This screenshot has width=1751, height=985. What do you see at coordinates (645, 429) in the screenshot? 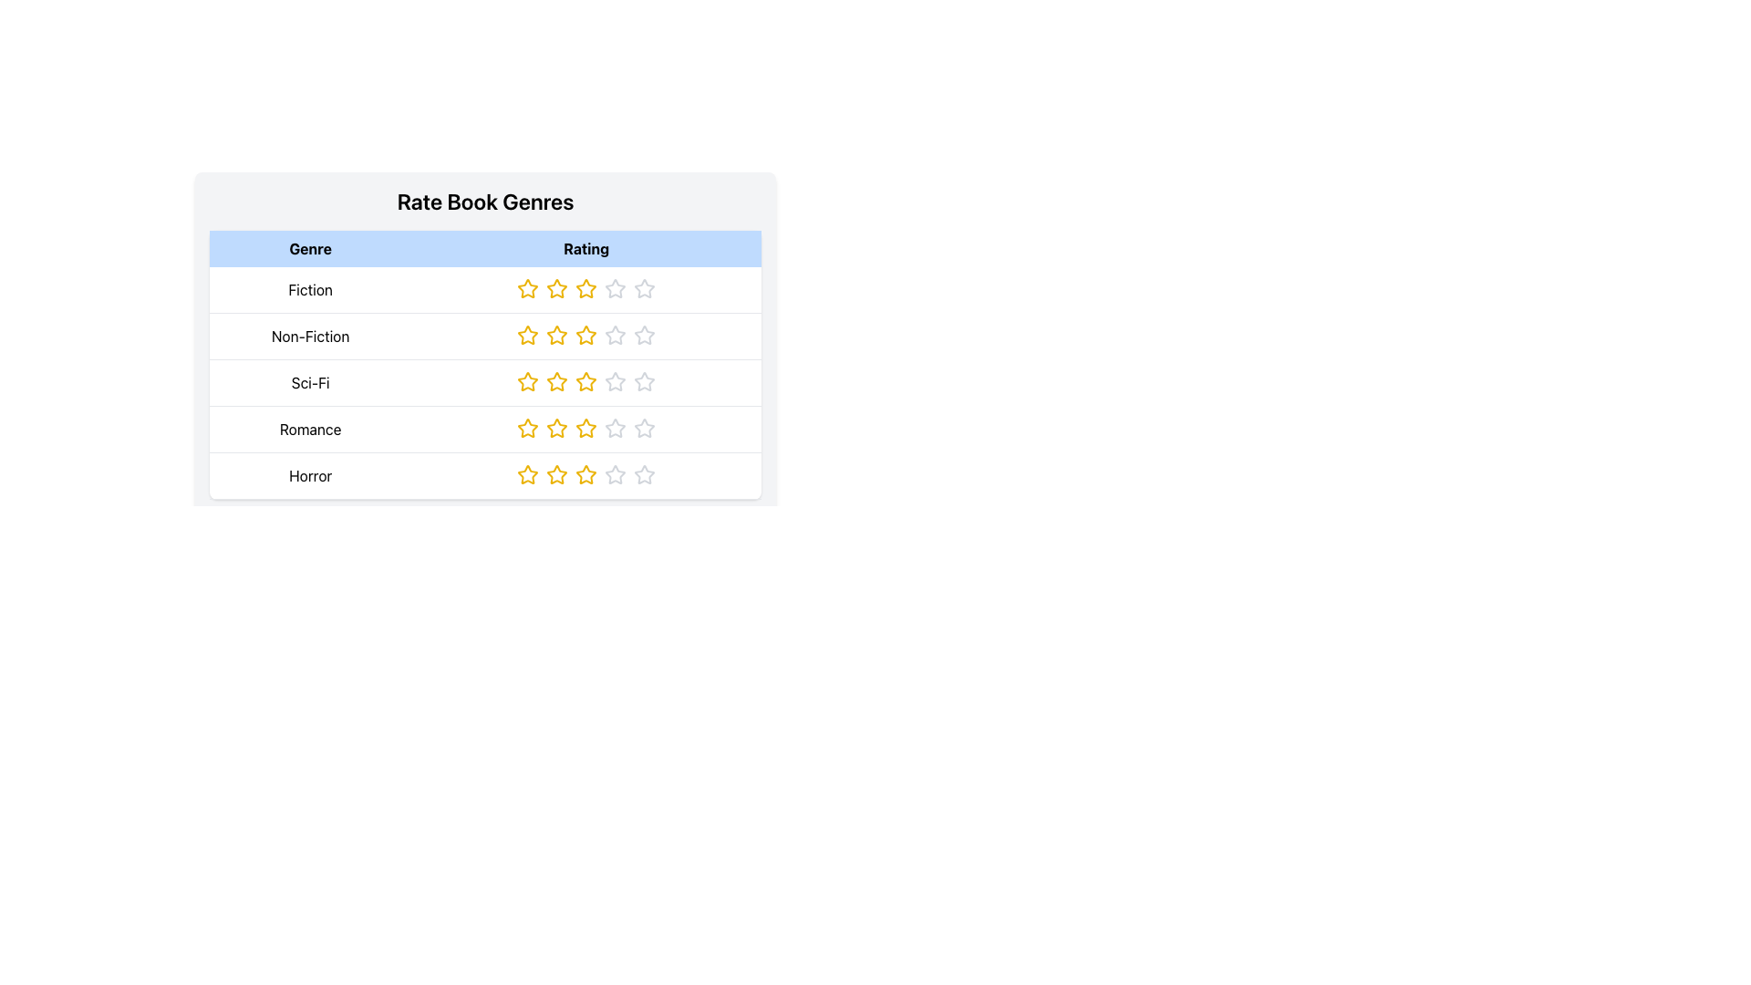
I see `the fourth star in the 'Rating' column of the 'Romance' row in the star-rating UI element` at bounding box center [645, 429].